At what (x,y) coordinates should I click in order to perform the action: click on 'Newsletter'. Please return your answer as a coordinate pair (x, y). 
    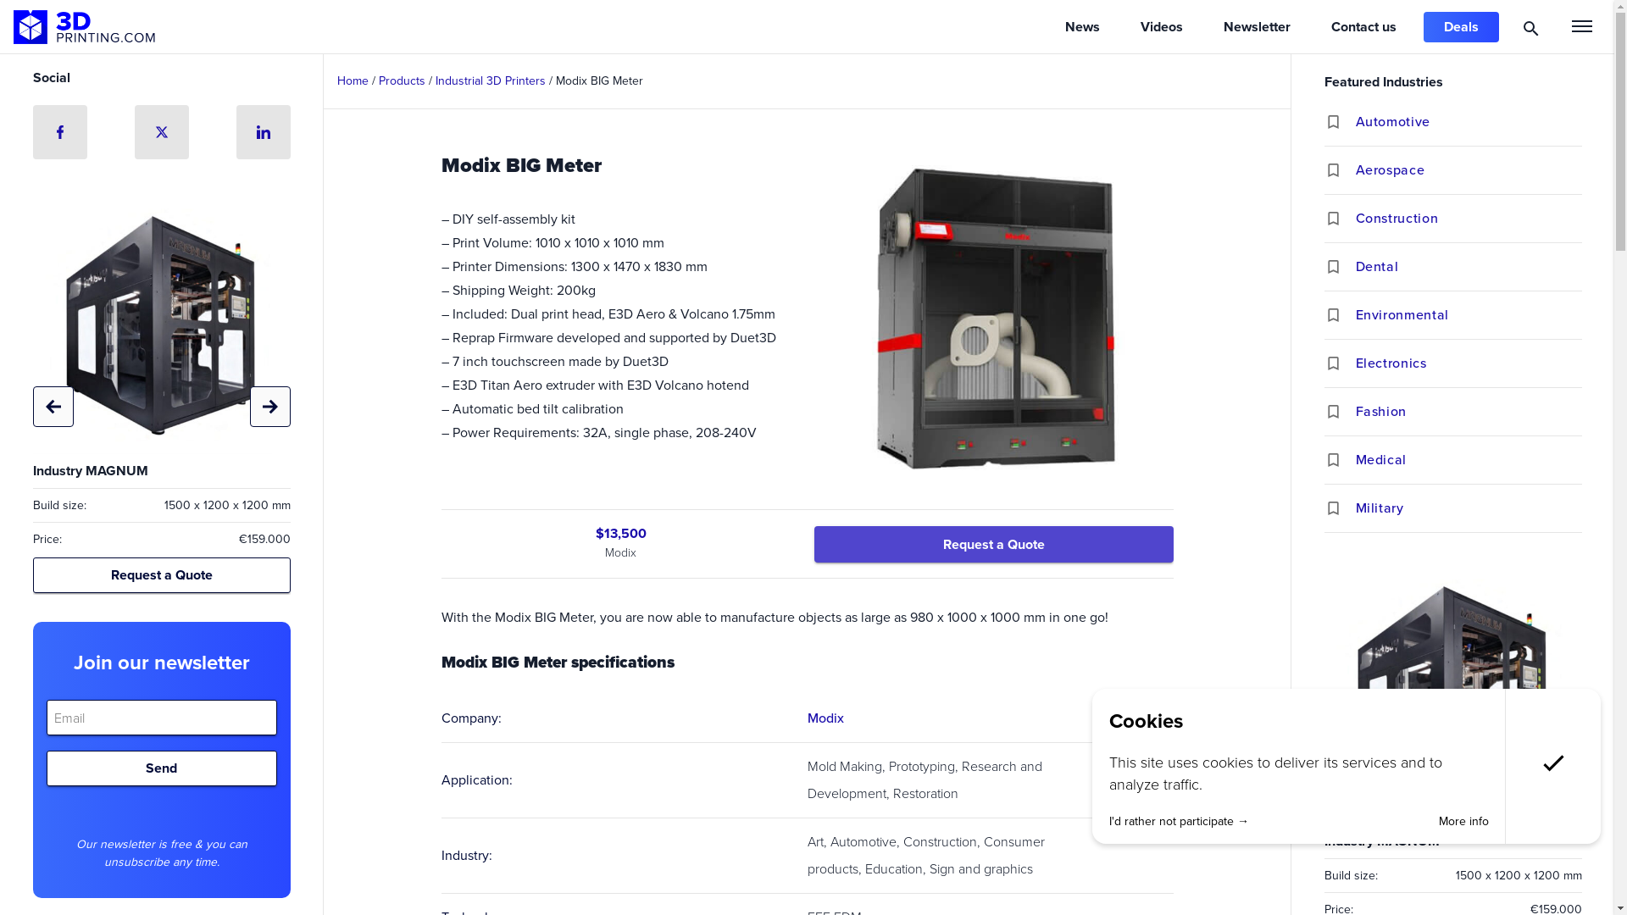
    Looking at the image, I should click on (1257, 26).